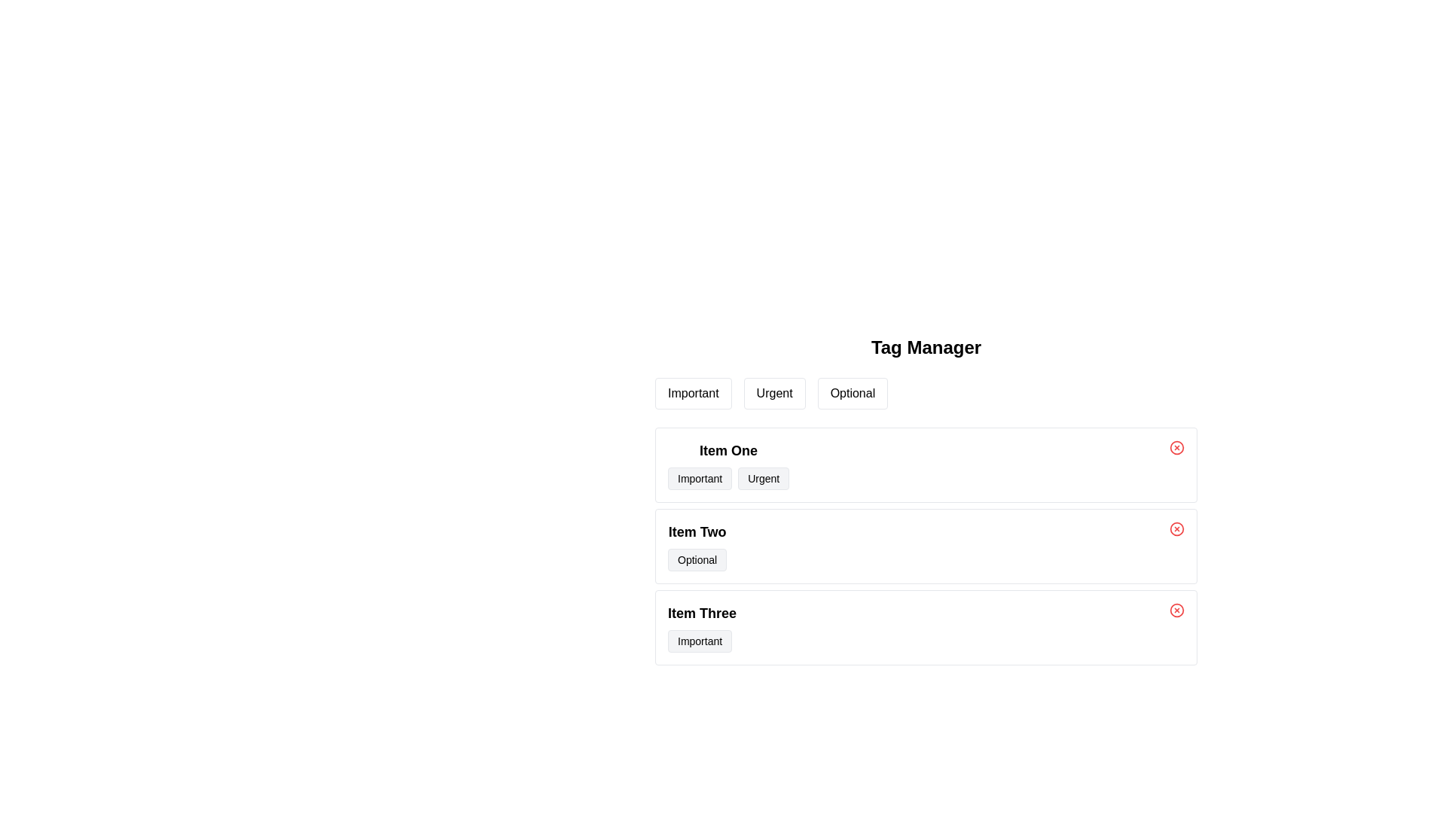  I want to click on the label titled 'Important', which is a small rounded rectangular tag with a light gray background, located under the 'Item Three' section, so click(699, 641).